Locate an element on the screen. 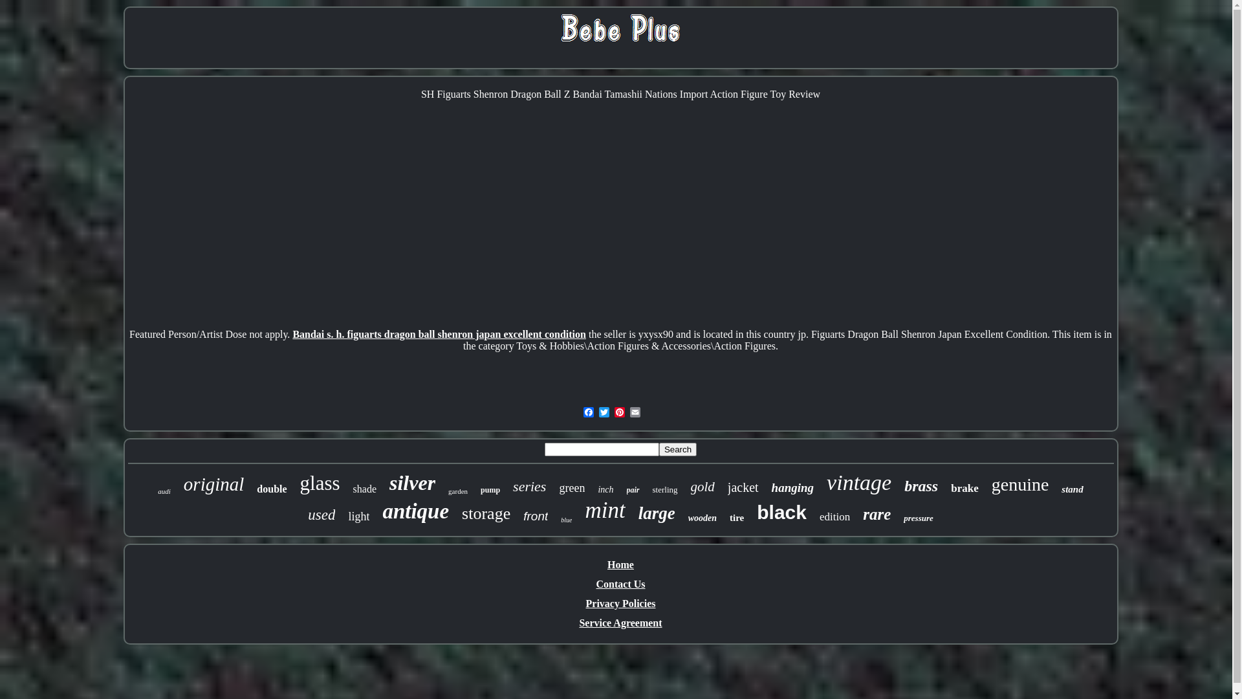 The image size is (1242, 699). 'series' is located at coordinates (529, 487).